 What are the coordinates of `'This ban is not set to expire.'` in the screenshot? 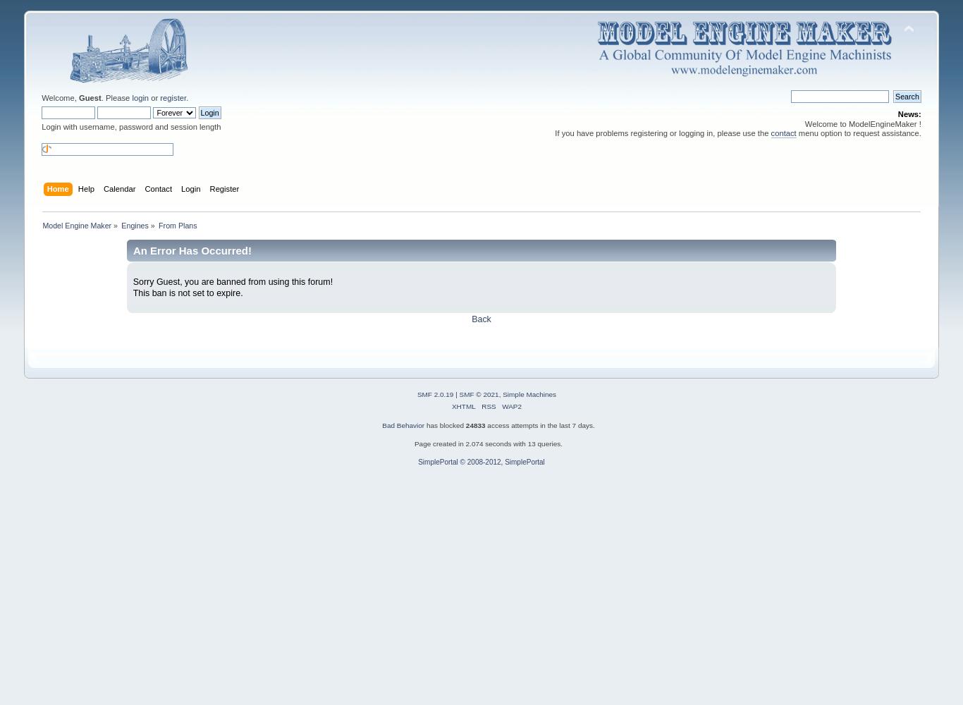 It's located at (187, 293).